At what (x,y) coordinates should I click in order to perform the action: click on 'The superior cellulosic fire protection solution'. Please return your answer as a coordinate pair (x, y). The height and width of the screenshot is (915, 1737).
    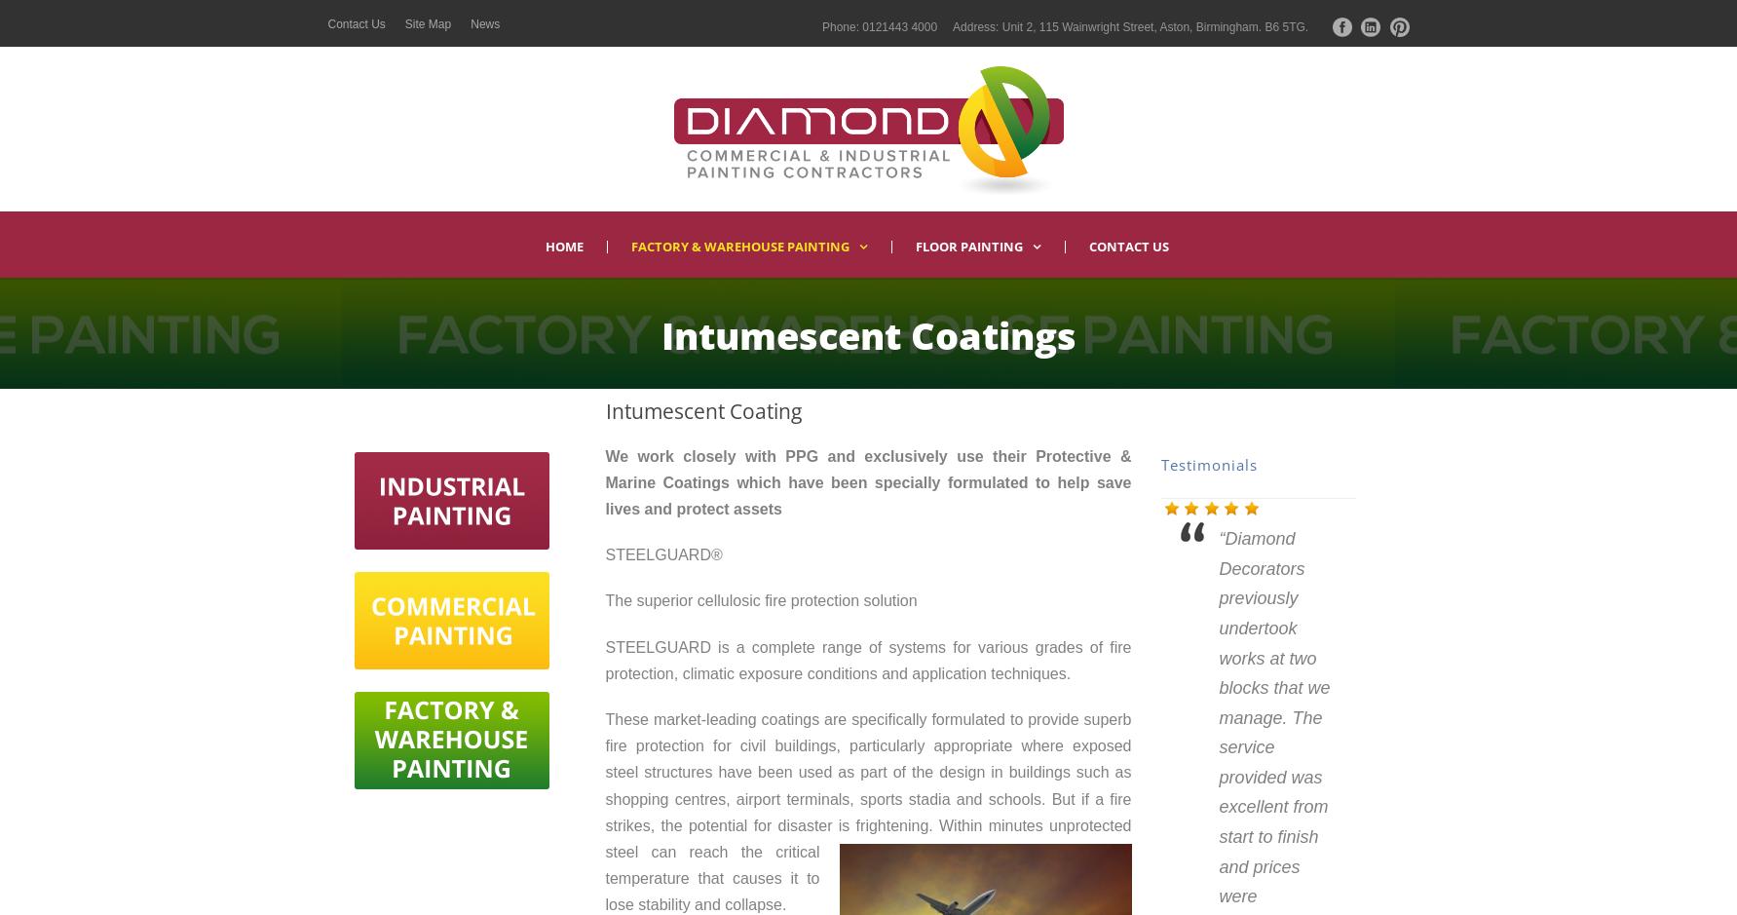
    Looking at the image, I should click on (759, 599).